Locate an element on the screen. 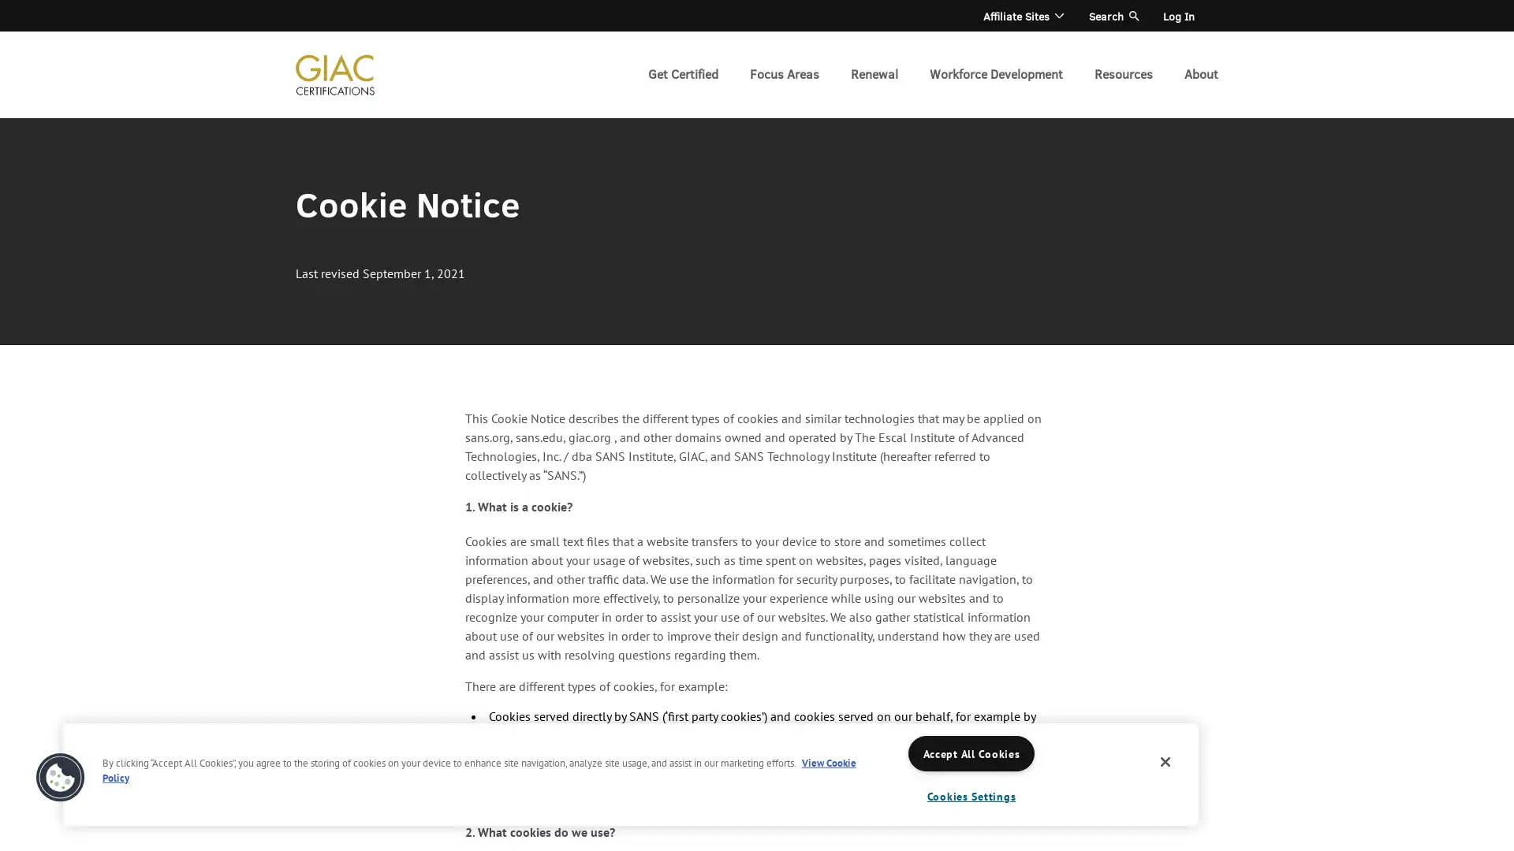 The width and height of the screenshot is (1514, 851). Cookies Settings is located at coordinates (971, 796).